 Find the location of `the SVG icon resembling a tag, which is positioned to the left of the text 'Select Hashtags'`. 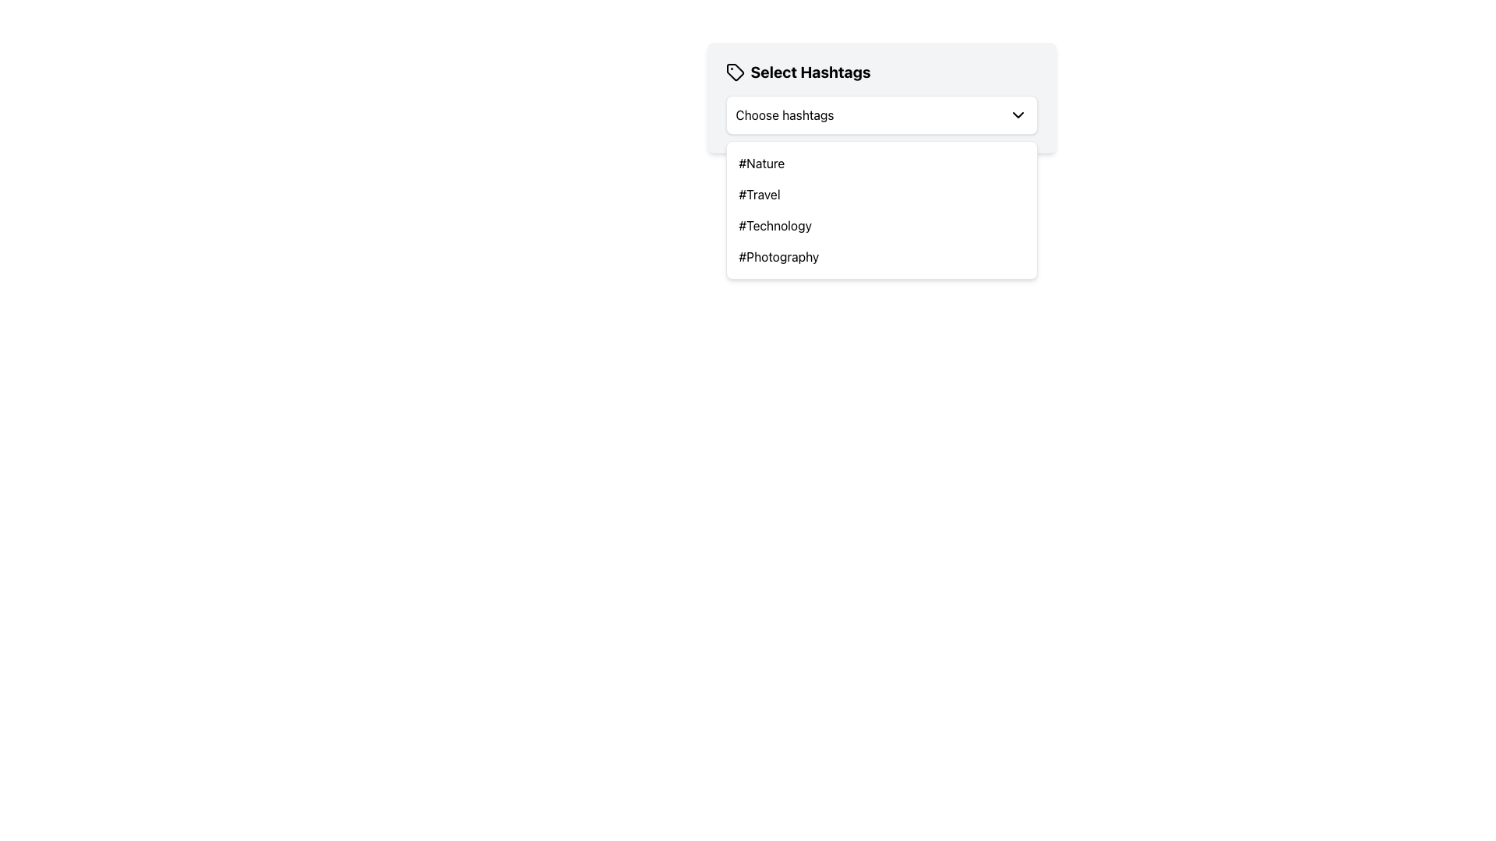

the SVG icon resembling a tag, which is positioned to the left of the text 'Select Hashtags' is located at coordinates (734, 72).